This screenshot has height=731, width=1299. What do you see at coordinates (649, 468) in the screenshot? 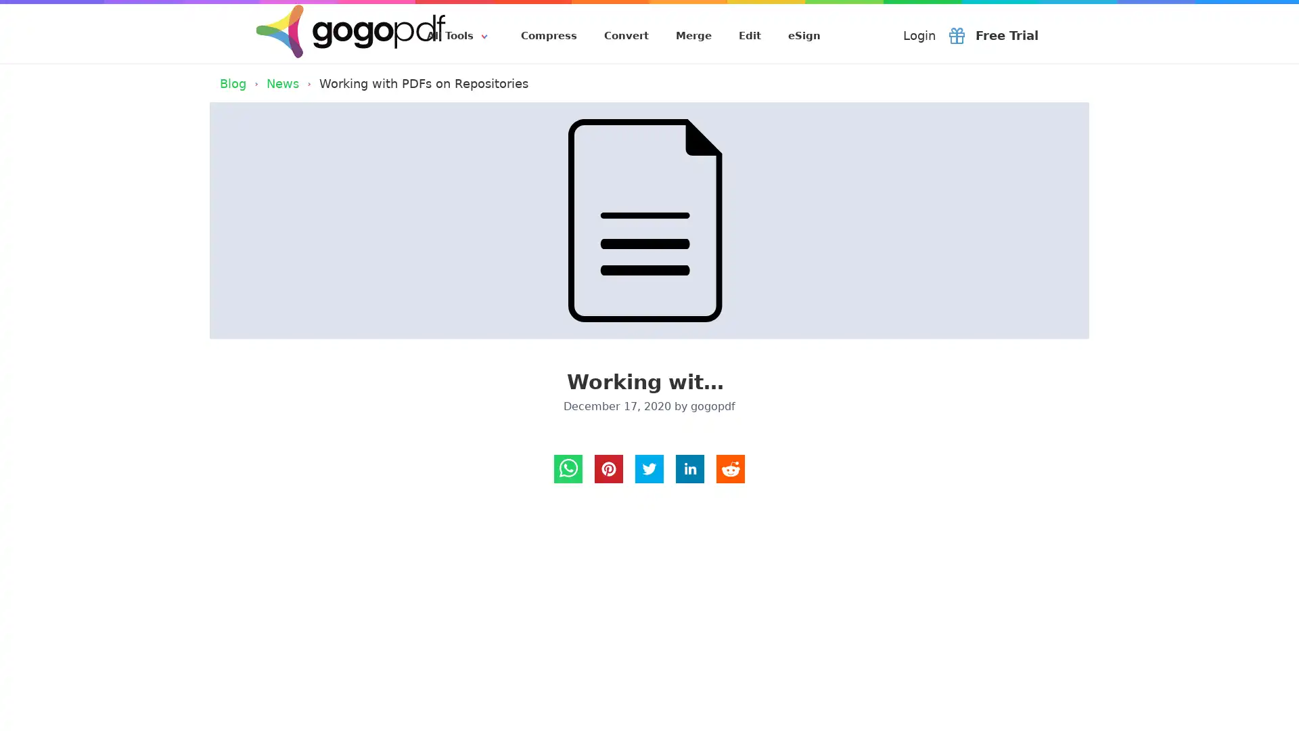
I see `Twitter` at bounding box center [649, 468].